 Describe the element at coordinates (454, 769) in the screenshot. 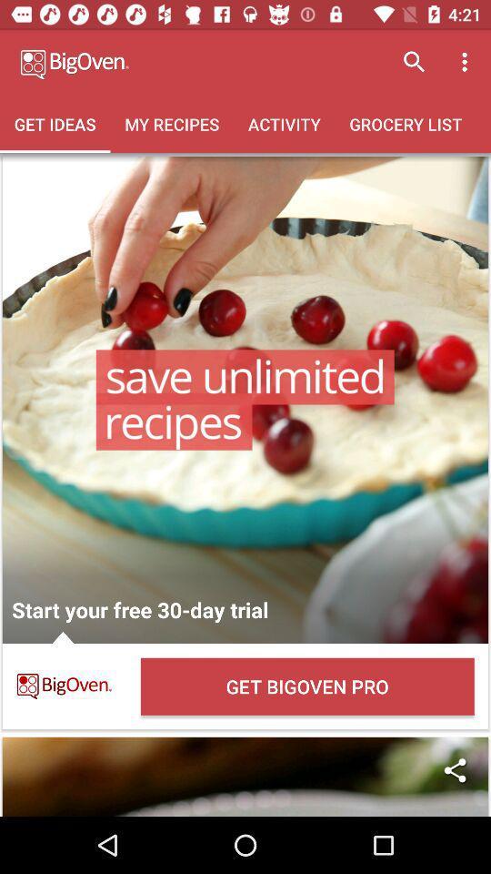

I see `icon below the get bigoven pro item` at that location.